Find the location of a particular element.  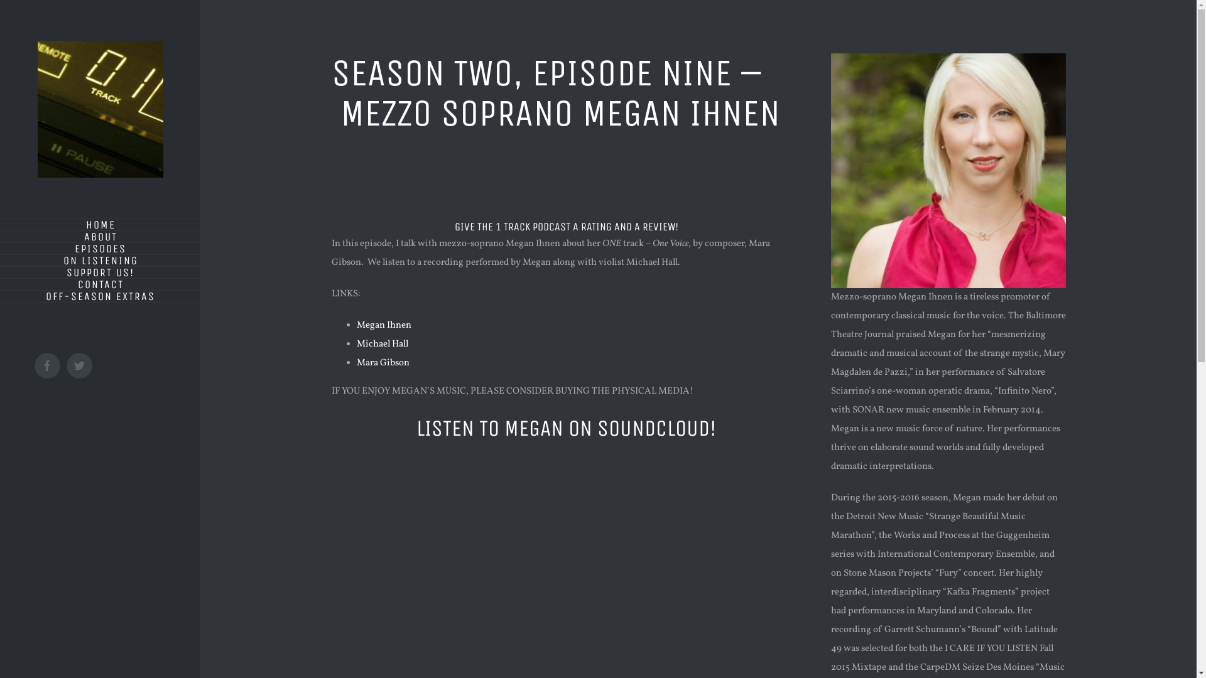

'EPISODES' is located at coordinates (99, 249).